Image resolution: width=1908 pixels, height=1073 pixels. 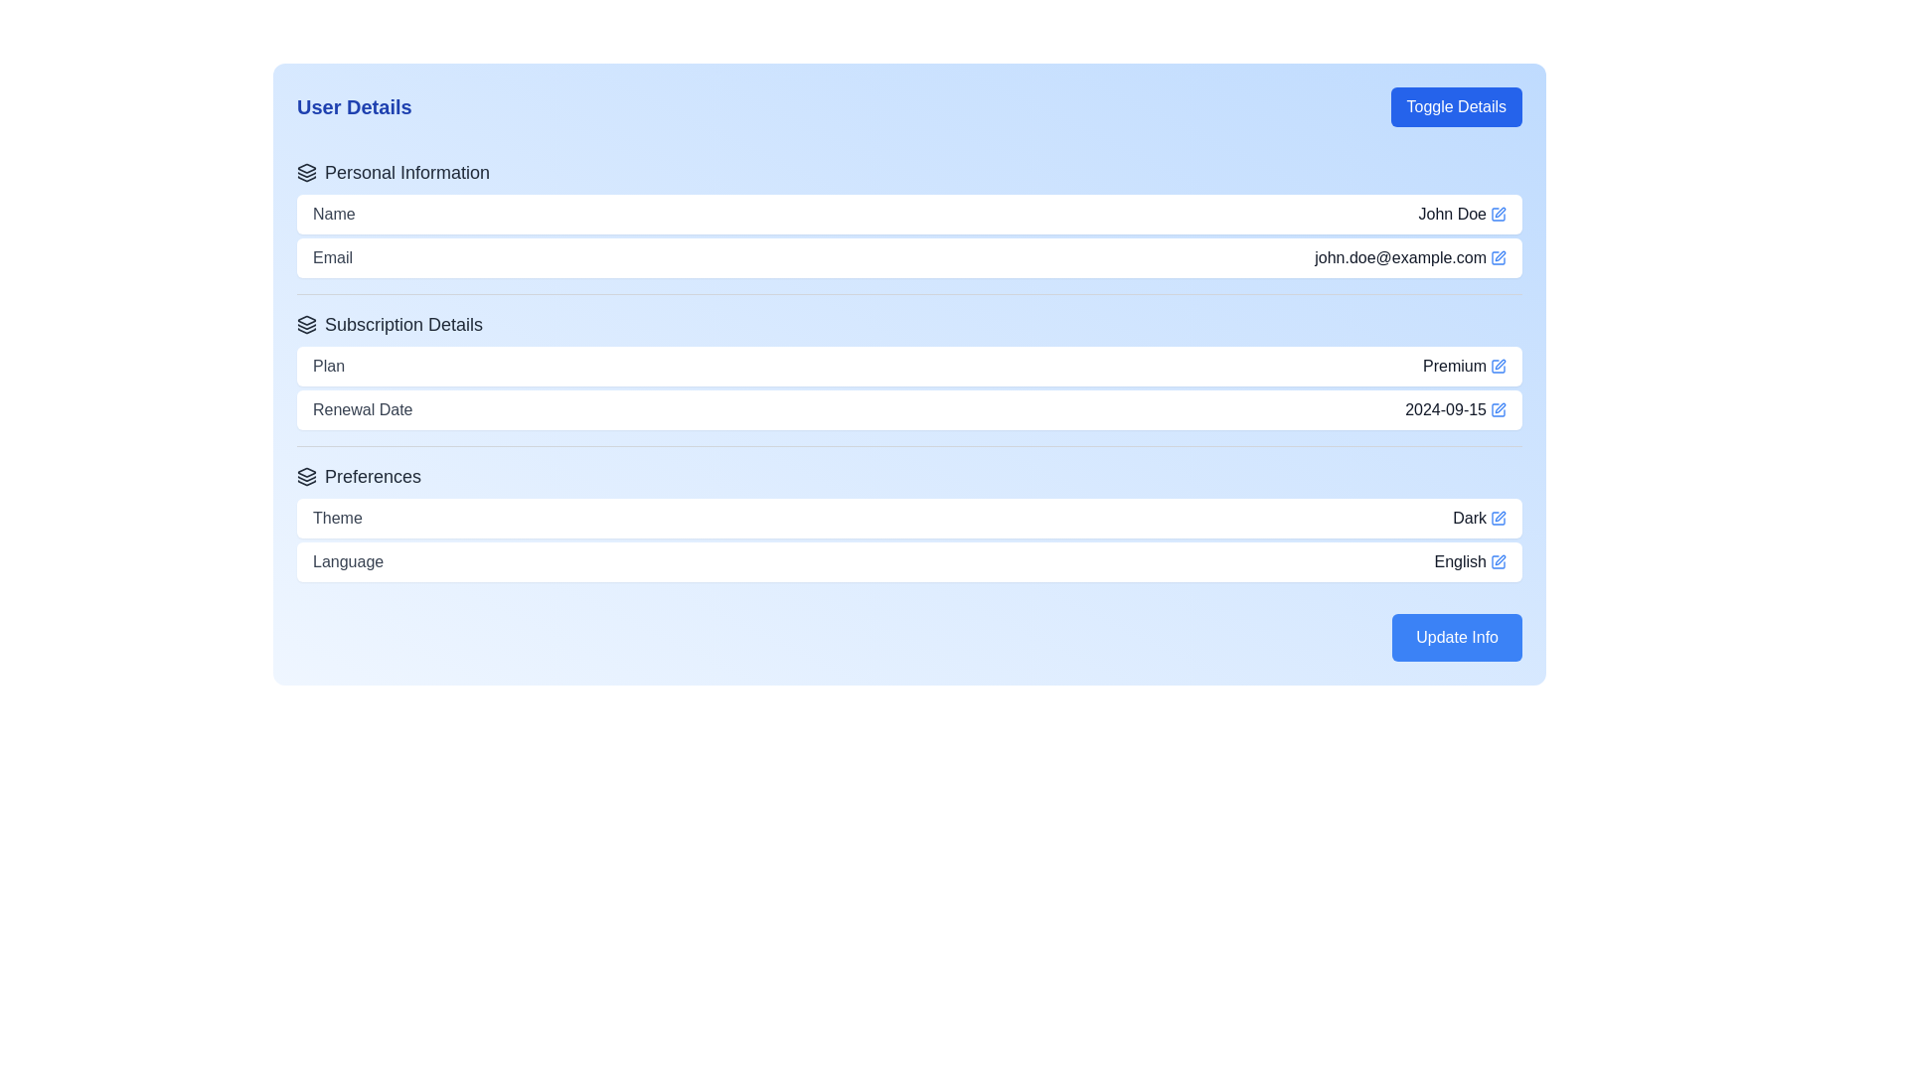 I want to click on title 'User Details' located at the top of the card interface, which is styled with a large blue font, so click(x=908, y=107).